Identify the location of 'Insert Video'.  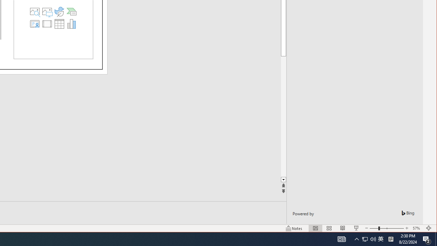
(46, 23).